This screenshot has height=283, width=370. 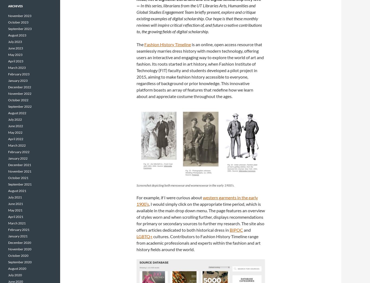 I want to click on 'January 2022', so click(x=18, y=158).